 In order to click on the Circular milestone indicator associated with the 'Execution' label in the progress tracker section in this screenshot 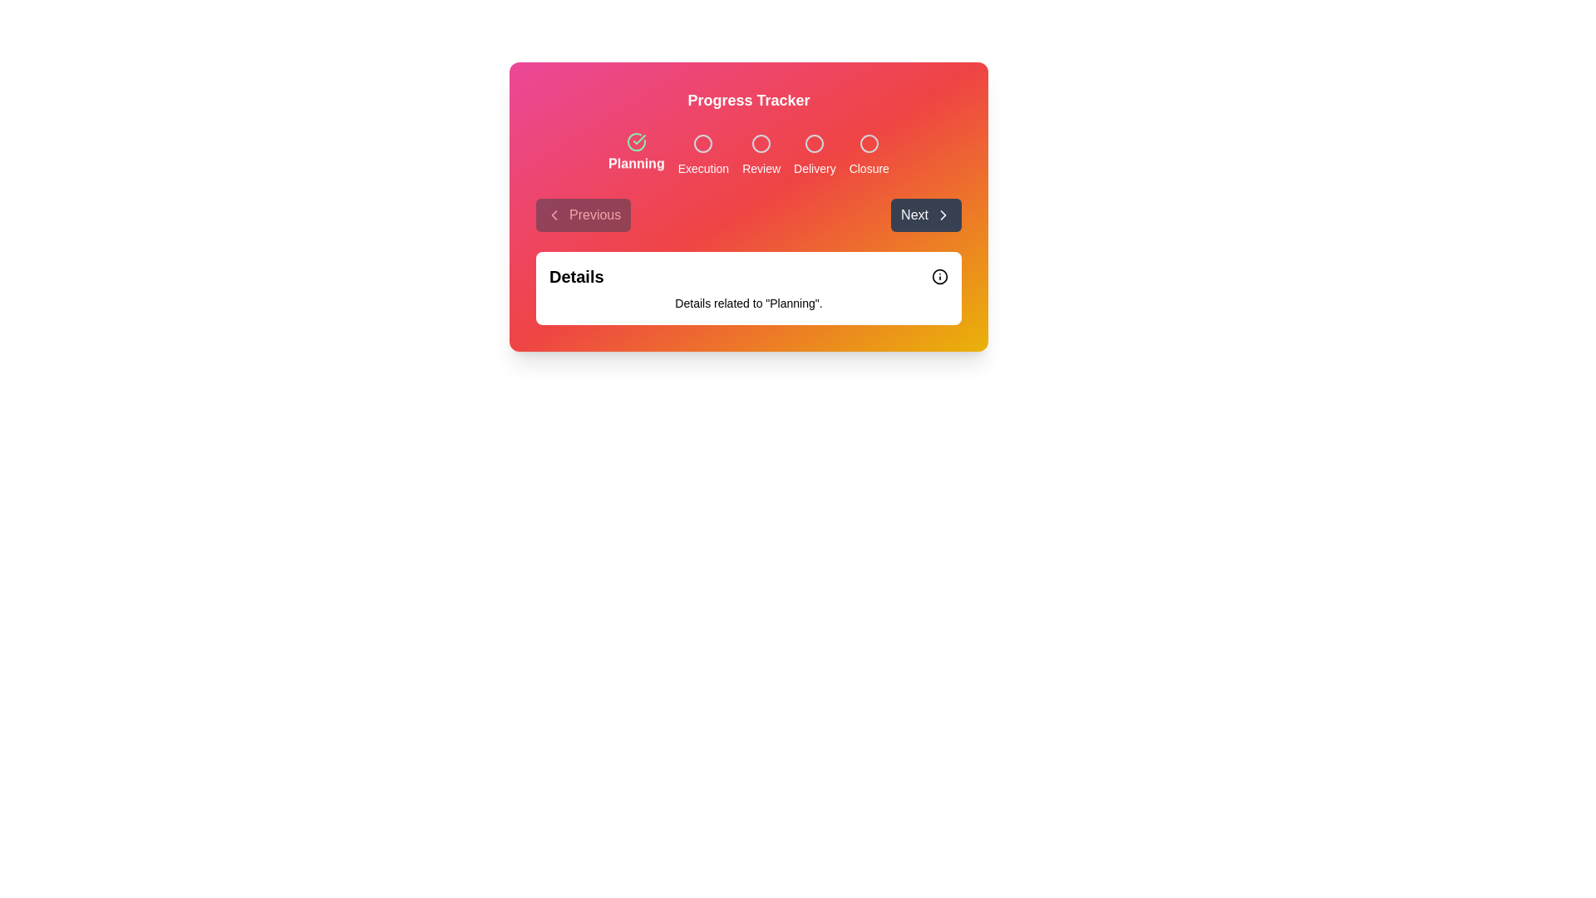, I will do `click(703, 143)`.